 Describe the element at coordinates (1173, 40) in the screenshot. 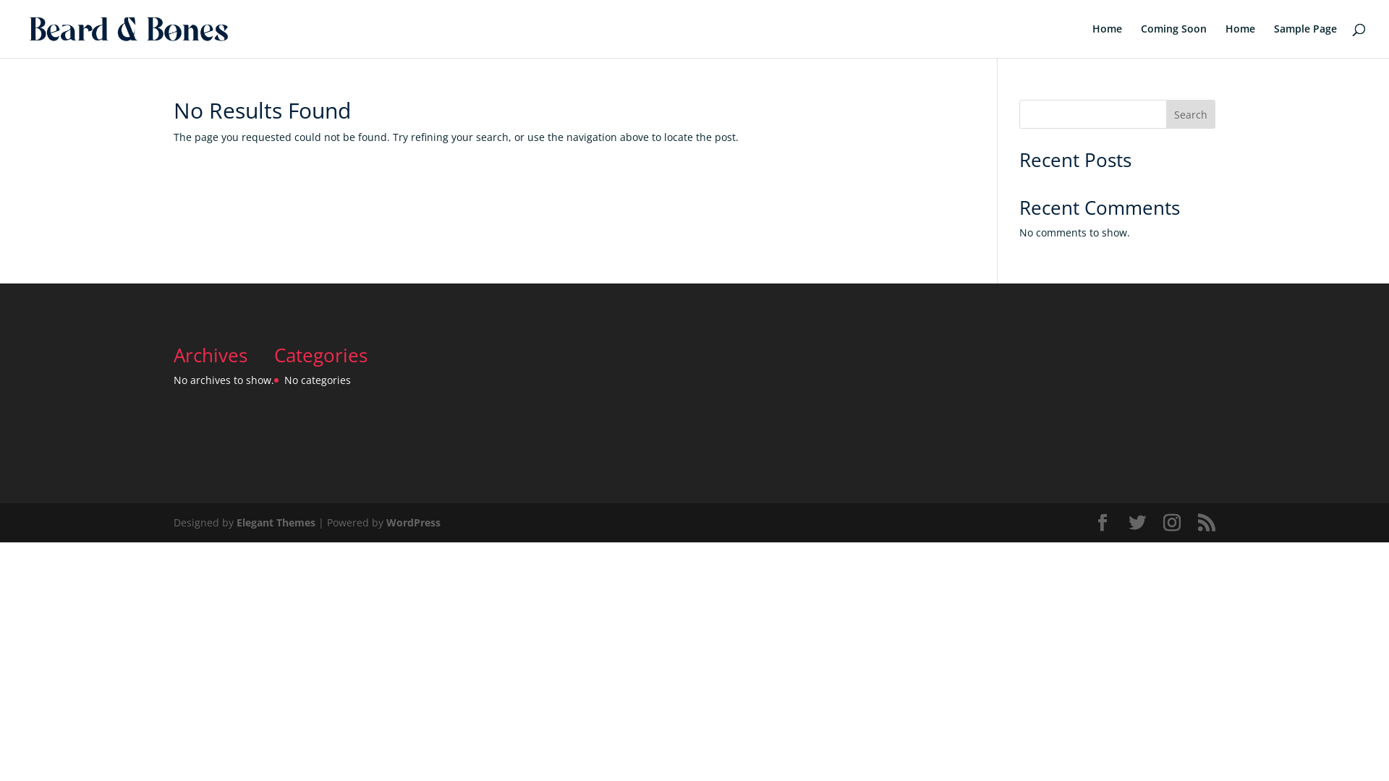

I see `'Coming Soon'` at that location.